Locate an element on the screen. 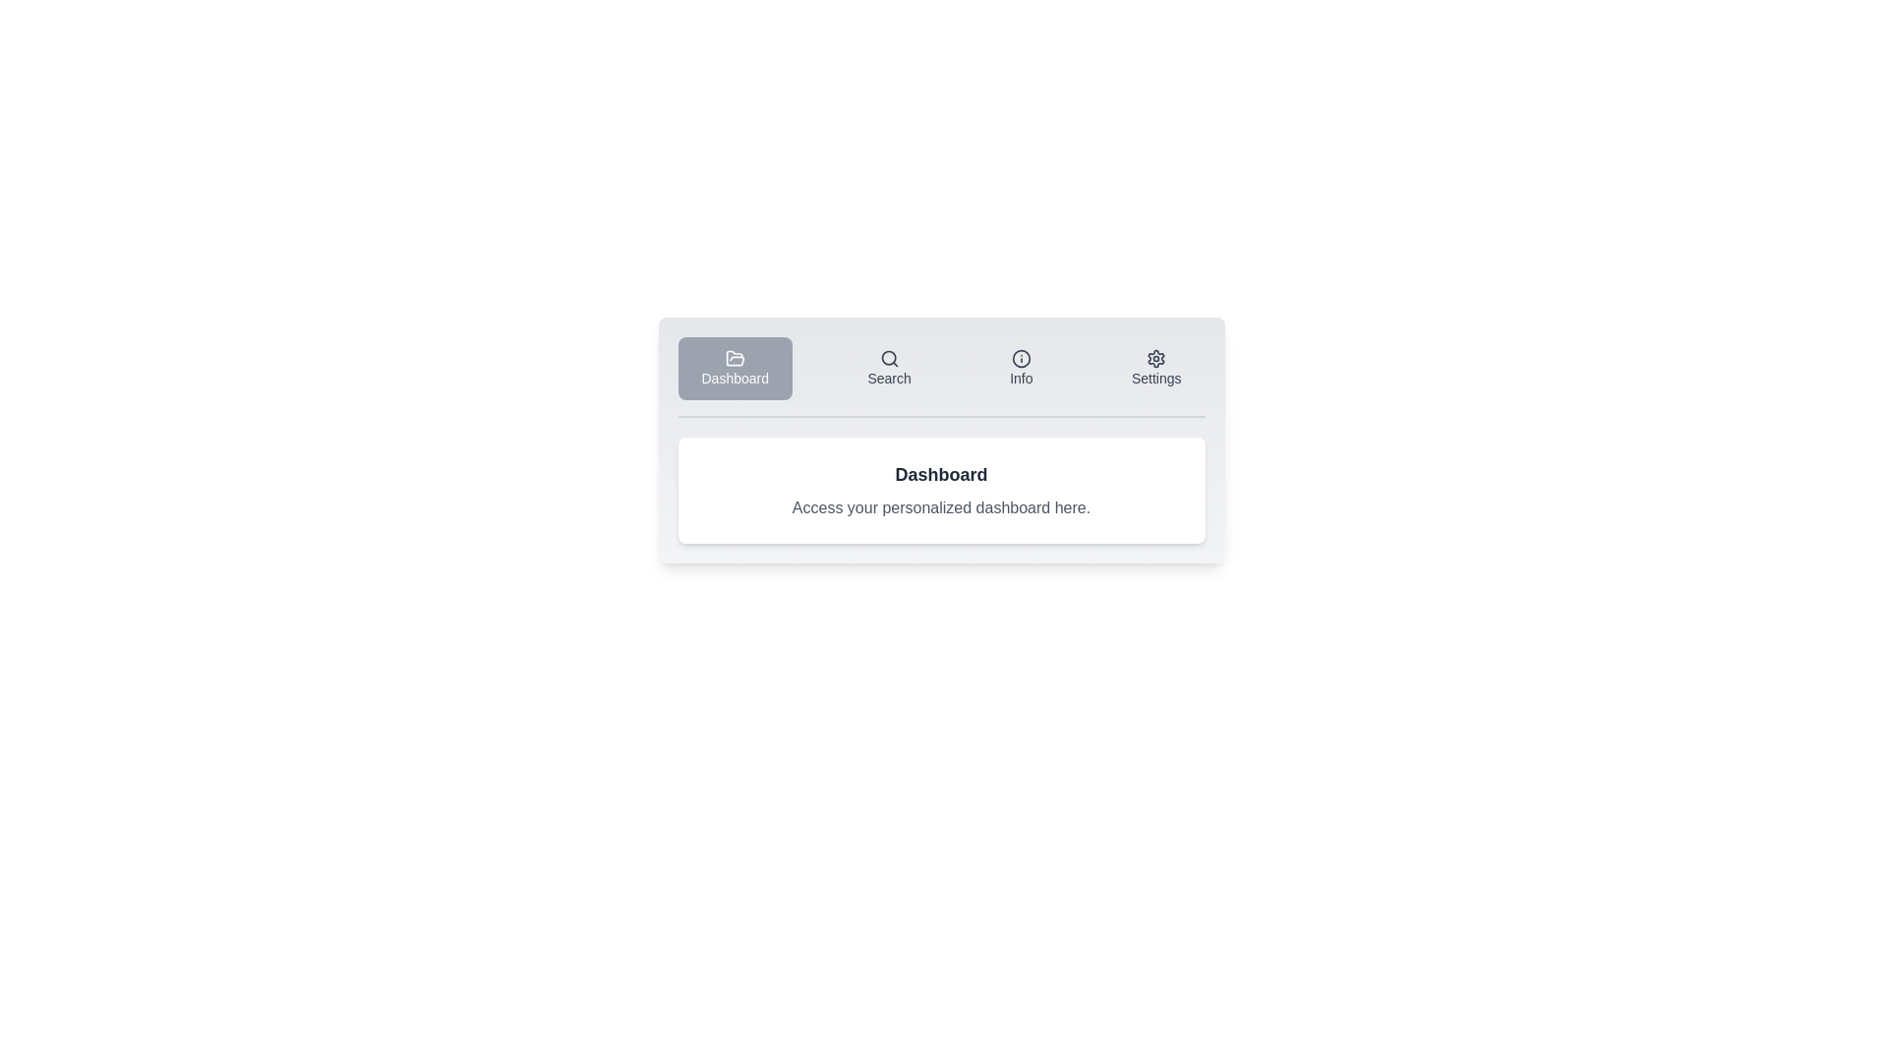  the tab labeled Info to observe its hover effect is located at coordinates (1021, 368).